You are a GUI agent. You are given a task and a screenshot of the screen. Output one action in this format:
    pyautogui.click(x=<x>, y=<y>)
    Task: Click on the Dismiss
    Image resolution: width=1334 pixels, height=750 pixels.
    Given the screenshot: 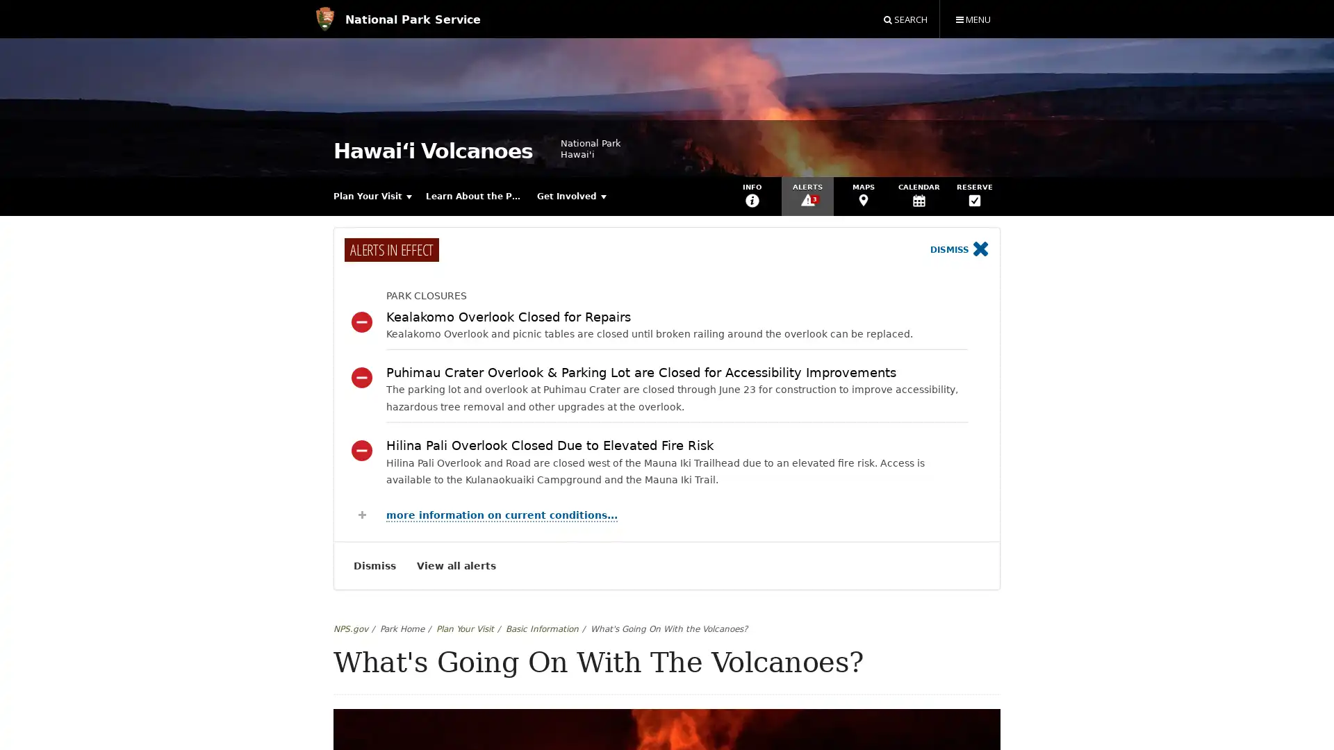 What is the action you would take?
    pyautogui.click(x=959, y=250)
    